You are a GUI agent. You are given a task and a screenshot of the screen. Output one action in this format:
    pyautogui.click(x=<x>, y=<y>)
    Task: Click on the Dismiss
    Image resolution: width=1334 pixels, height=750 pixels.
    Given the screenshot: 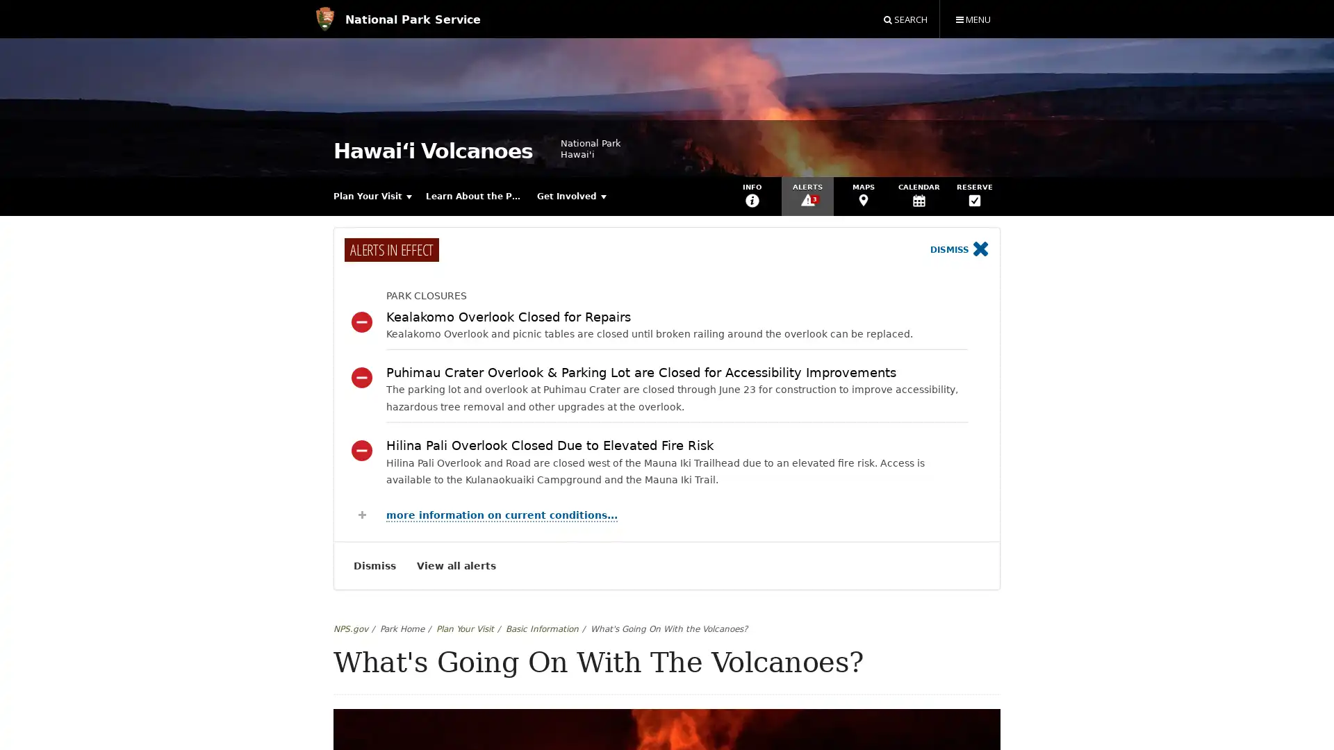 What is the action you would take?
    pyautogui.click(x=959, y=250)
    